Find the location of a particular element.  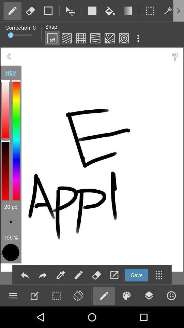

switch crop option is located at coordinates (150, 10).